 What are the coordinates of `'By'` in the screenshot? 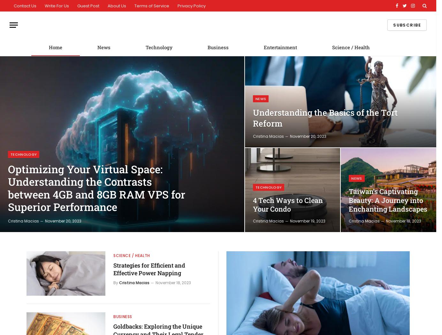 It's located at (115, 282).